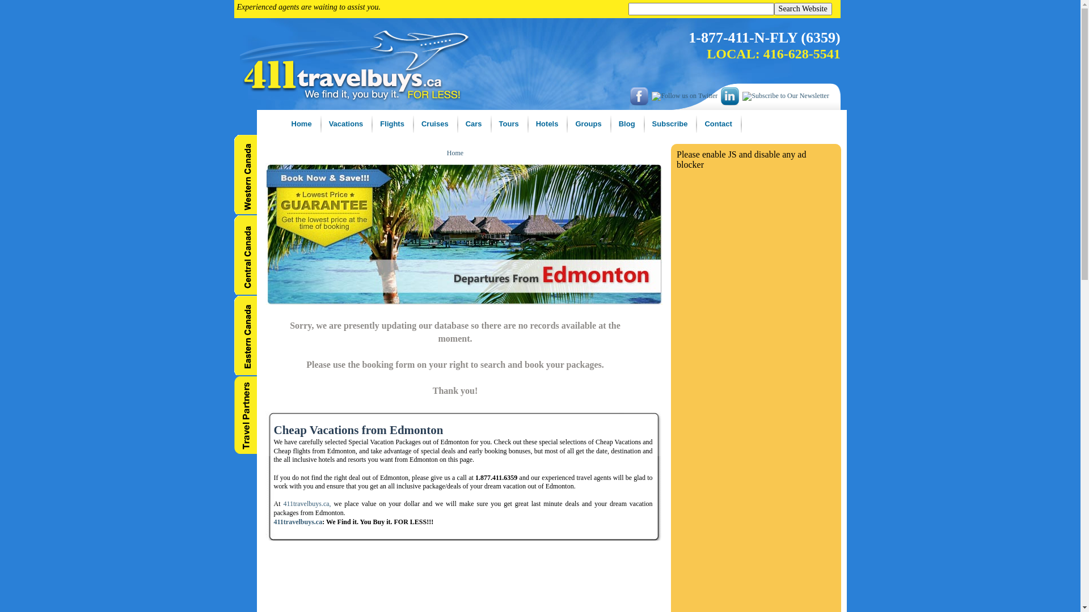  What do you see at coordinates (455, 153) in the screenshot?
I see `'Home'` at bounding box center [455, 153].